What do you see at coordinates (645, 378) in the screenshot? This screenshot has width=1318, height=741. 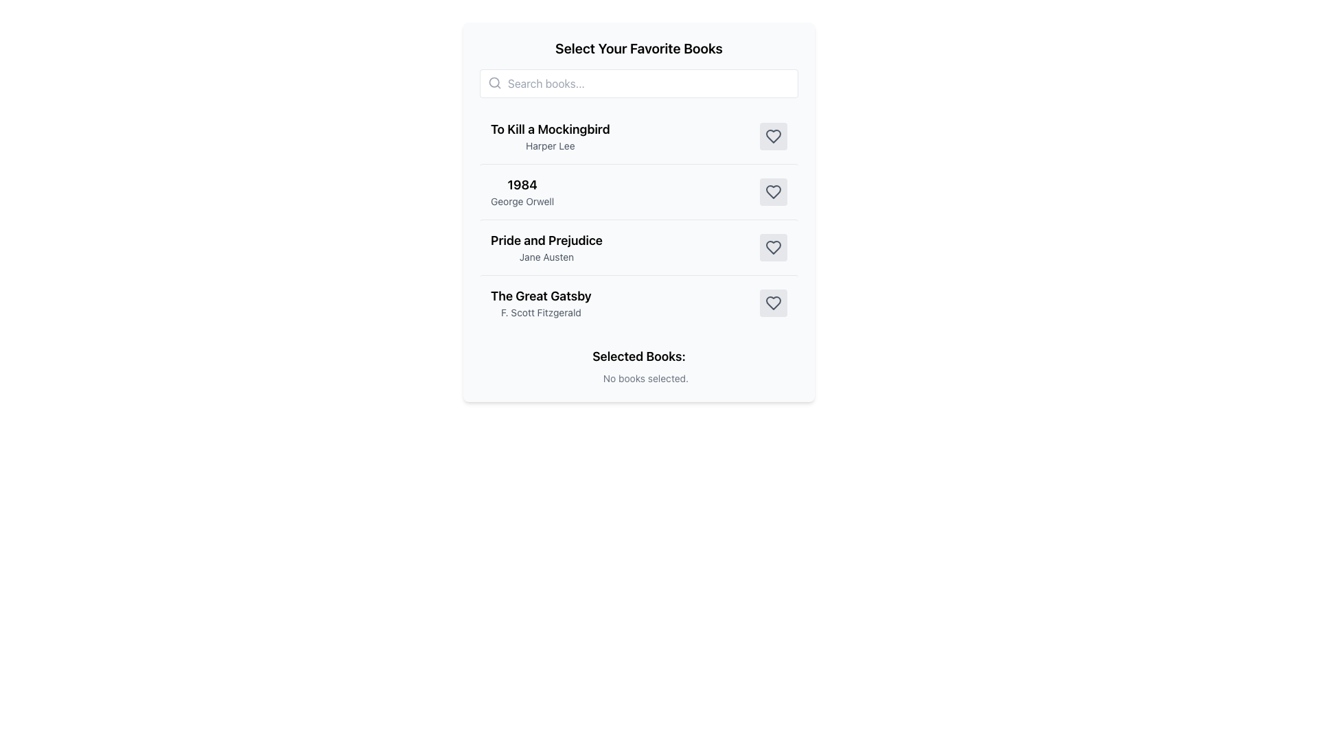 I see `text content of the text label that displays 'No books selected.' located under the 'Selected Books:' section` at bounding box center [645, 378].